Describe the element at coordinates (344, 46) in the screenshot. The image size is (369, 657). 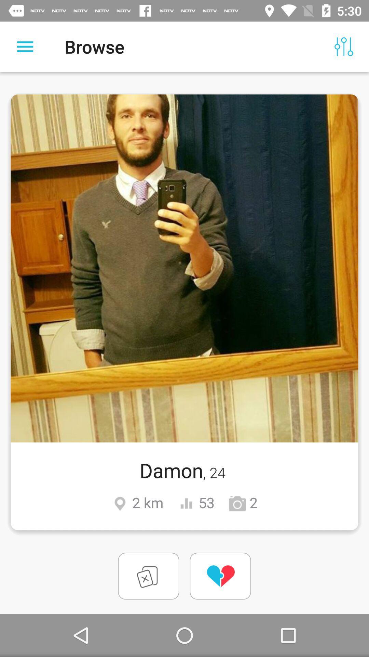
I see `icon to the right of browse` at that location.